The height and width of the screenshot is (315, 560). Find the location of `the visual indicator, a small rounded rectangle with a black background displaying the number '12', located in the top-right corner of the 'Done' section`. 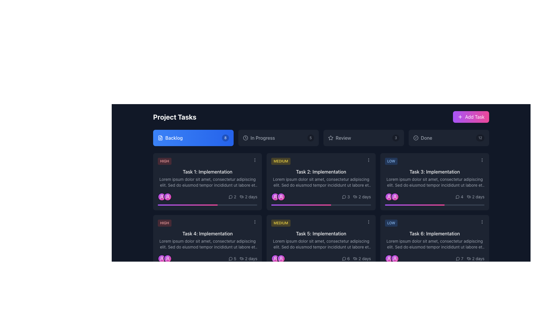

the visual indicator, a small rounded rectangle with a black background displaying the number '12', located in the top-right corner of the 'Done' section is located at coordinates (480, 138).